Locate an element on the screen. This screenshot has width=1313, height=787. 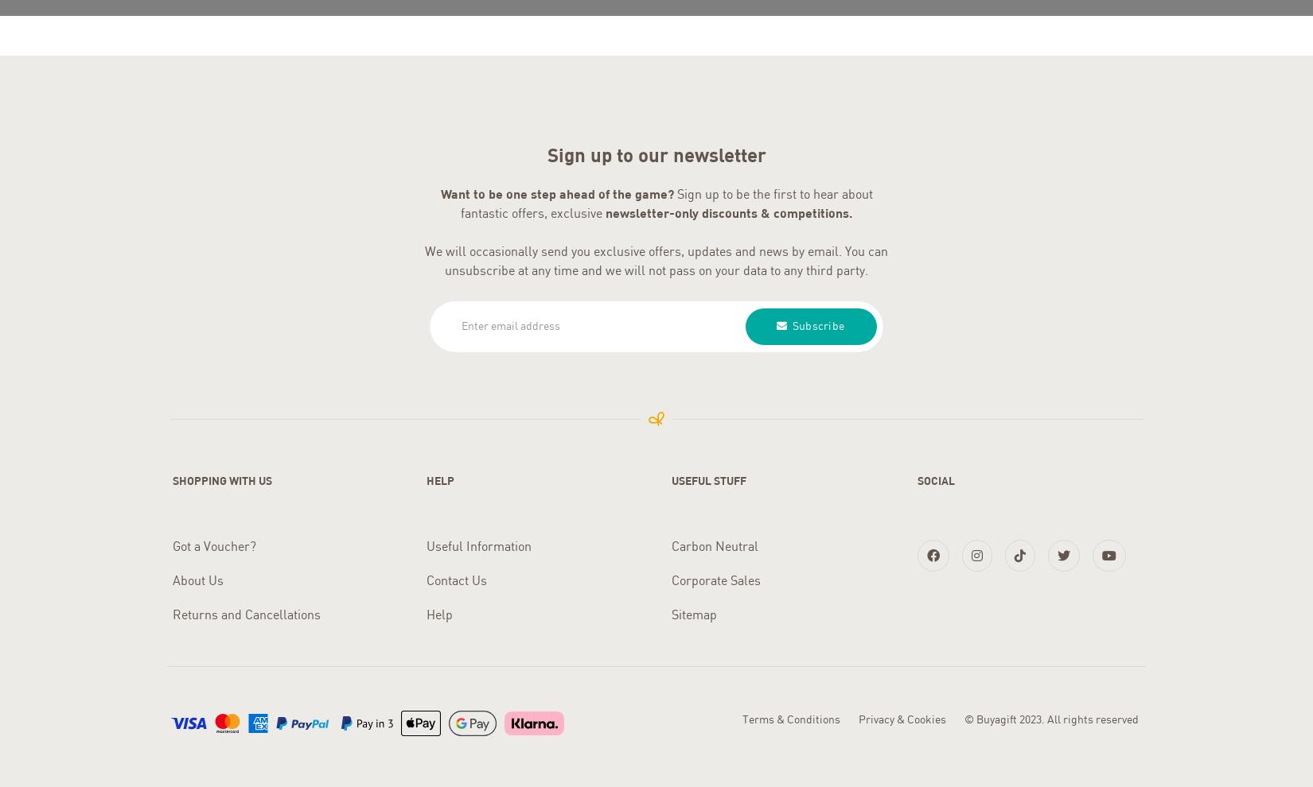
'Shopping with us' is located at coordinates (172, 476).